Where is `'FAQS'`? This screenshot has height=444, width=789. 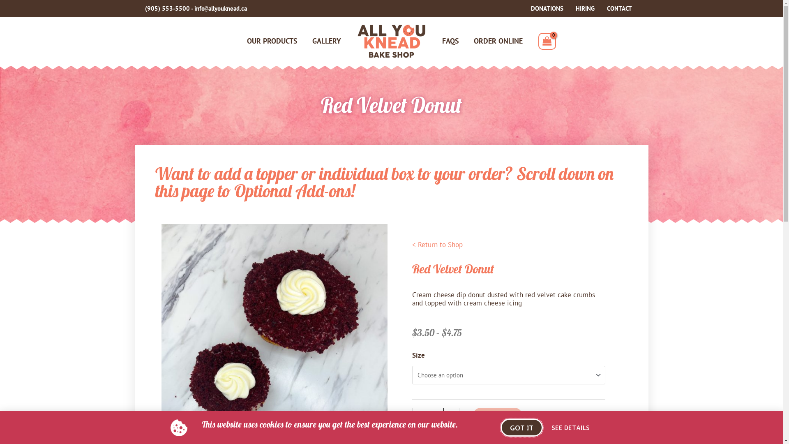 'FAQS' is located at coordinates (450, 41).